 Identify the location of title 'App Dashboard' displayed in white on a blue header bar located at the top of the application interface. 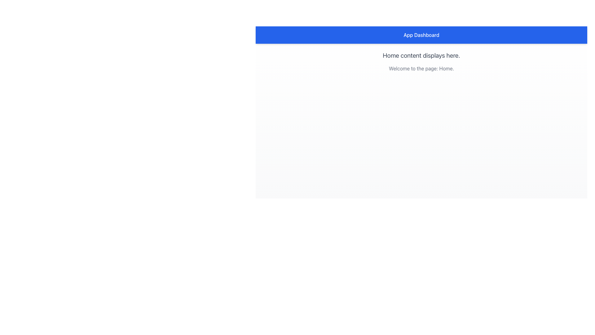
(421, 35).